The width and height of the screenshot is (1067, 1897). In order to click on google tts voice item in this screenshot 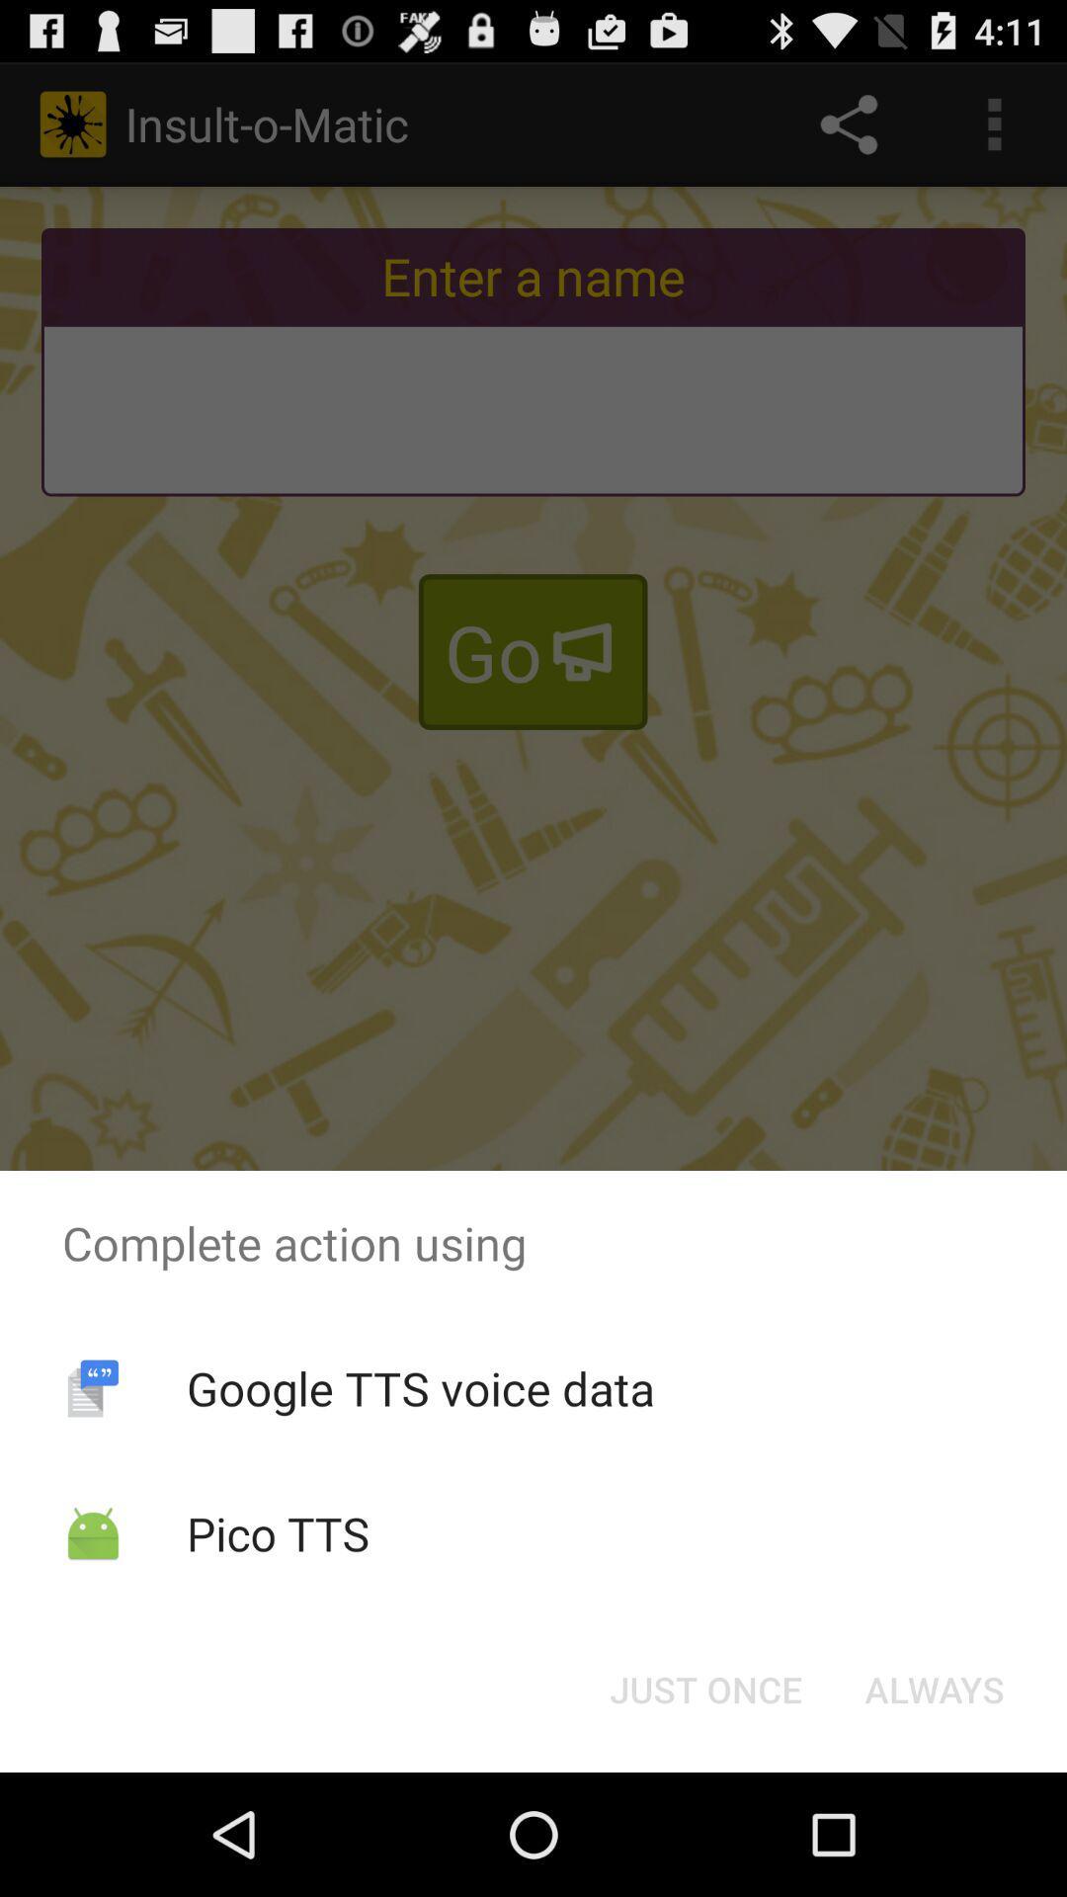, I will do `click(419, 1387)`.